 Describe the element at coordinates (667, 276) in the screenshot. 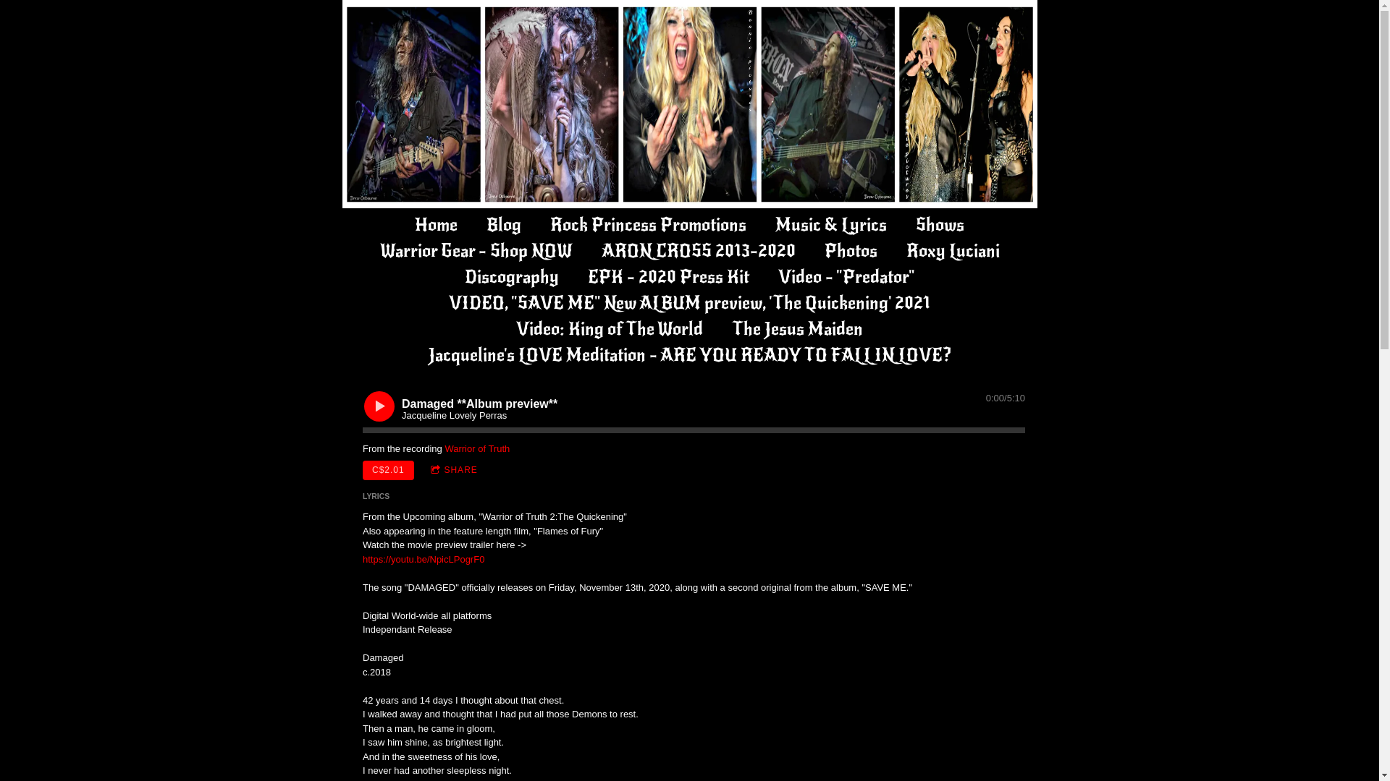

I see `'EPK - 2020 Press Kit'` at that location.